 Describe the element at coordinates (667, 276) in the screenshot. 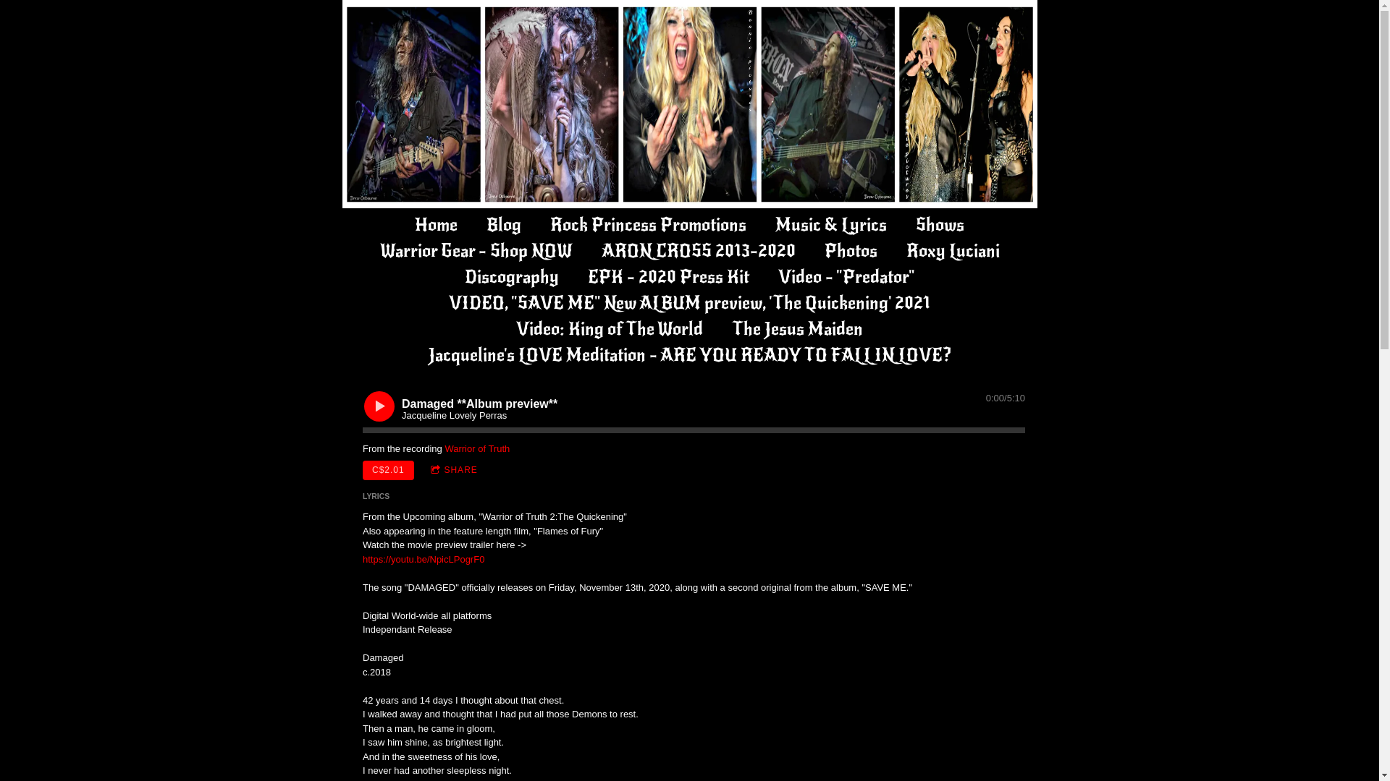

I see `'EPK - 2020 Press Kit'` at that location.